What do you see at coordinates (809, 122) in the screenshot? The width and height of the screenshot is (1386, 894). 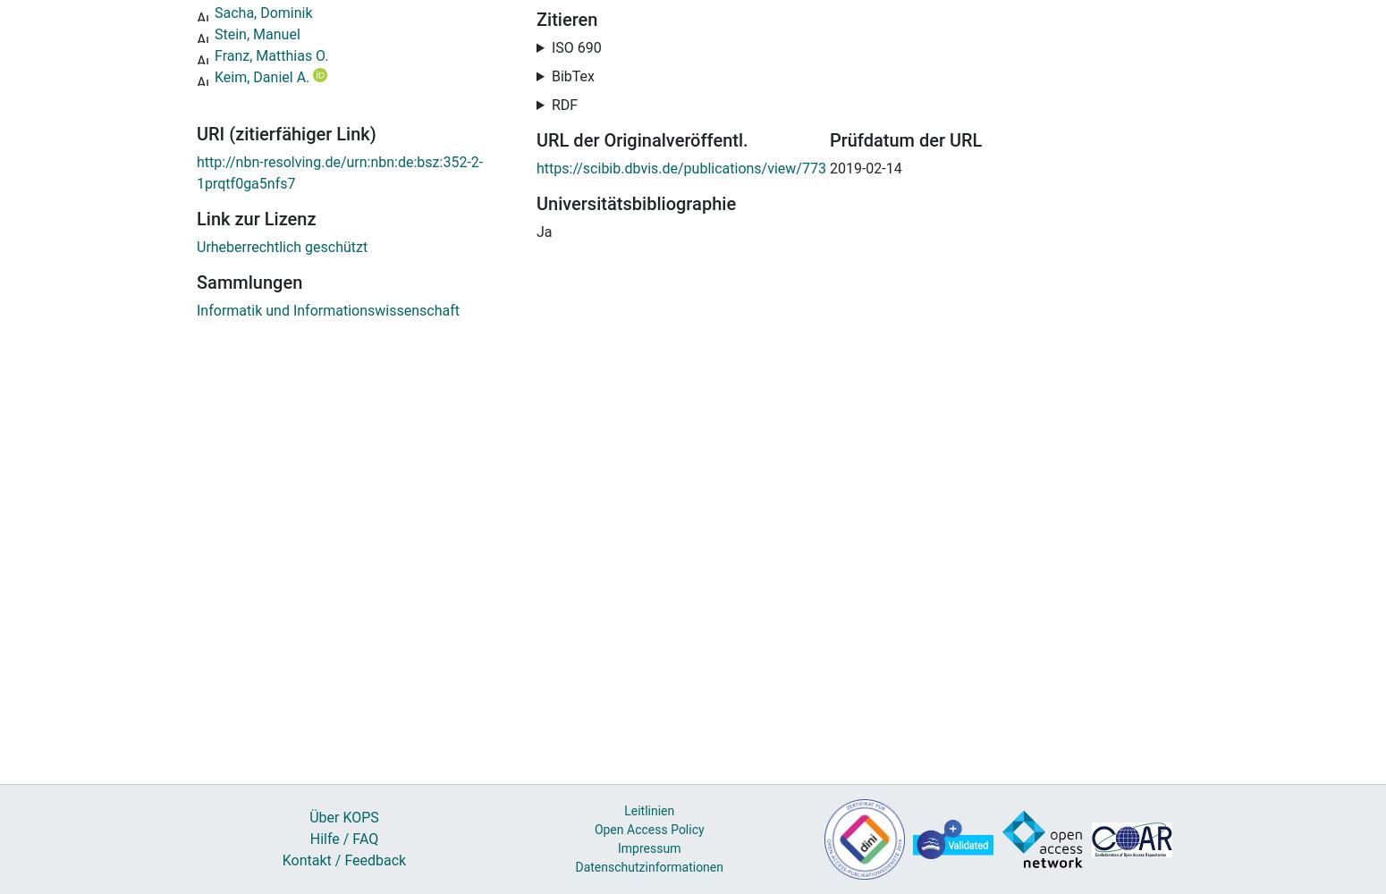 I see `'. Berlin, 22. Okt. 2018. In:'` at bounding box center [809, 122].